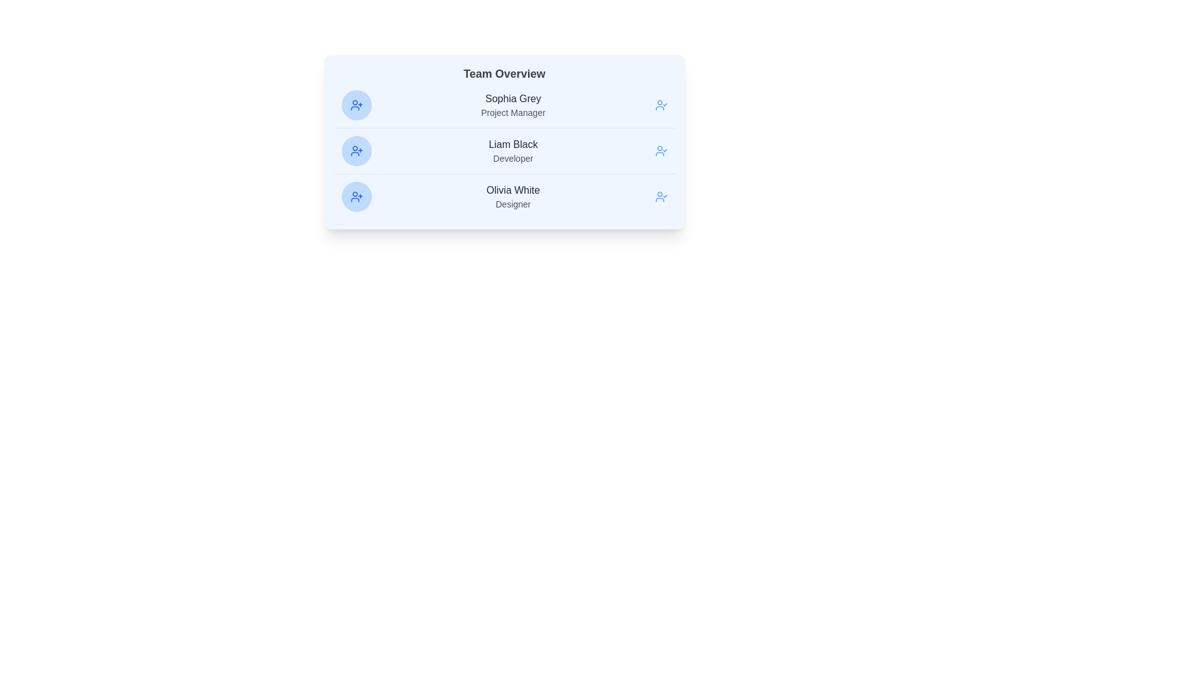  Describe the element at coordinates (356, 105) in the screenshot. I see `the user icon with a plus sign, styled in blue outline on a light blue circular background, located in the top-left corner of the 'Team Overview' card` at that location.